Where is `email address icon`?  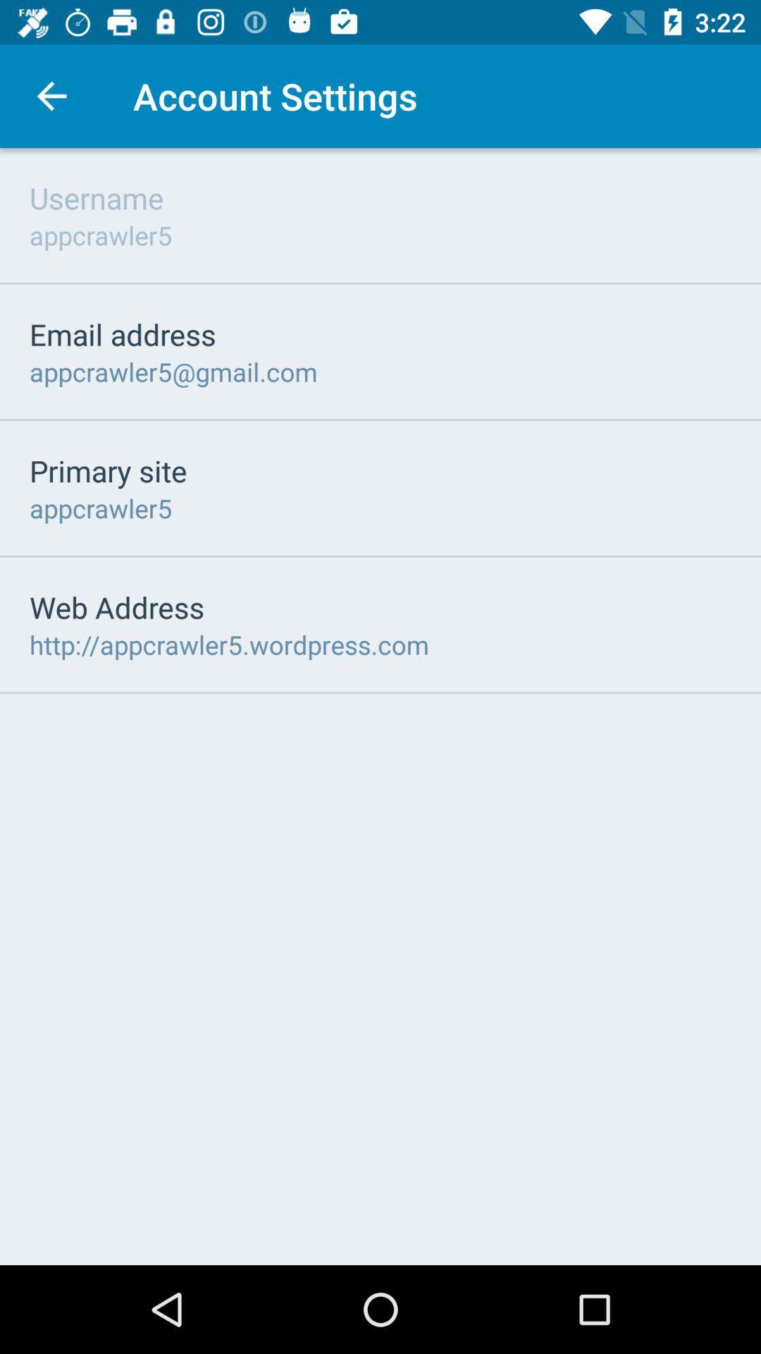
email address icon is located at coordinates (122, 334).